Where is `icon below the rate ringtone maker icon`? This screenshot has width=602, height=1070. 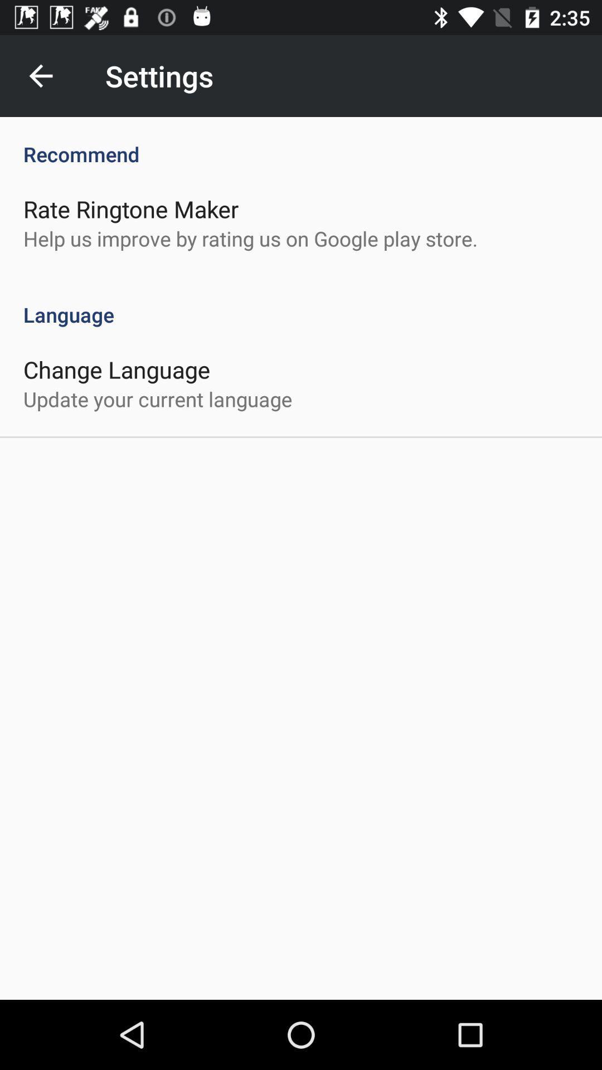 icon below the rate ringtone maker icon is located at coordinates (250, 238).